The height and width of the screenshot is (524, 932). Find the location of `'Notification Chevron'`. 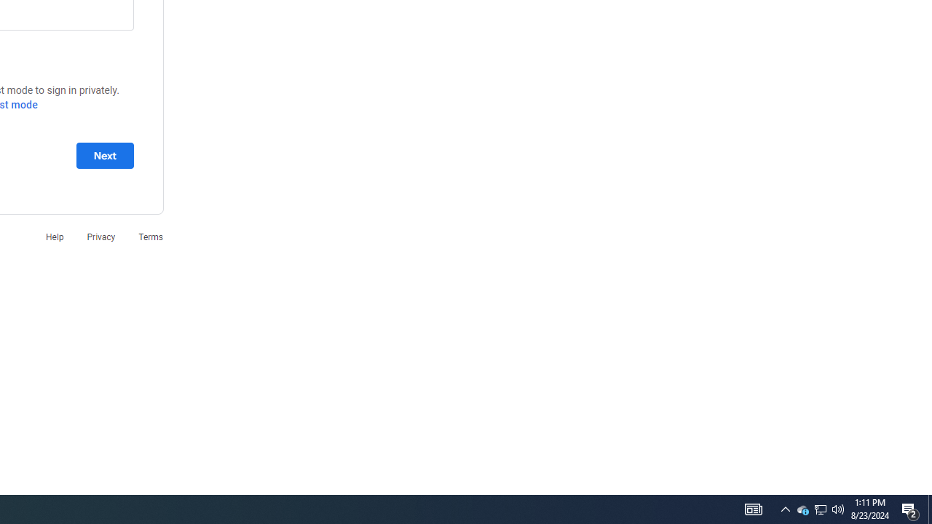

'Notification Chevron' is located at coordinates (785, 508).